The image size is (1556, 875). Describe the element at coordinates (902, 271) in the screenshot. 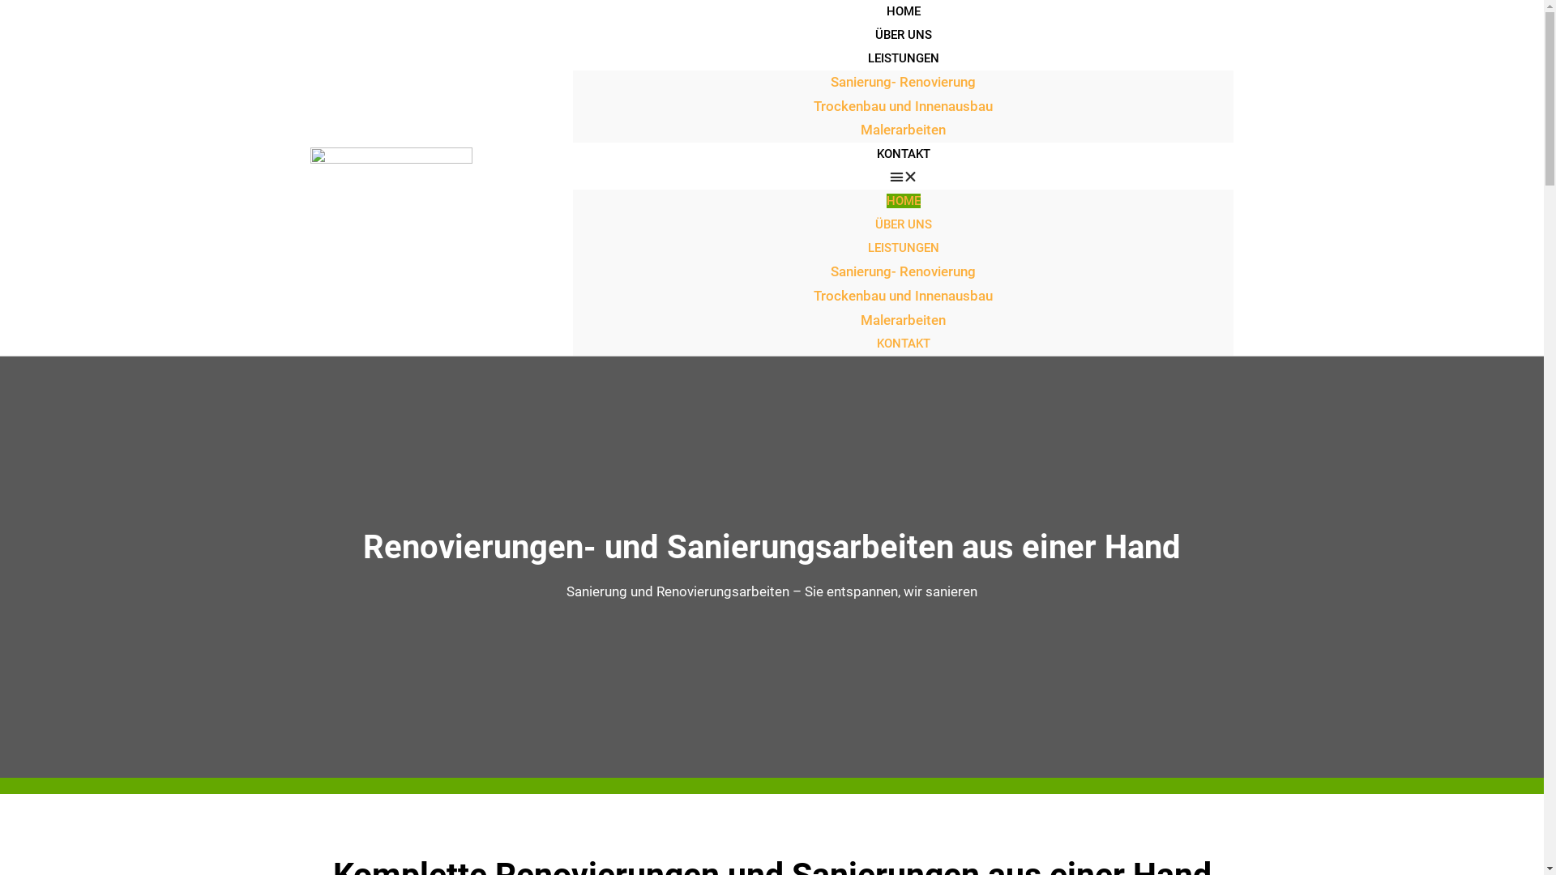

I see `'Sanierung- Renovierung'` at that location.